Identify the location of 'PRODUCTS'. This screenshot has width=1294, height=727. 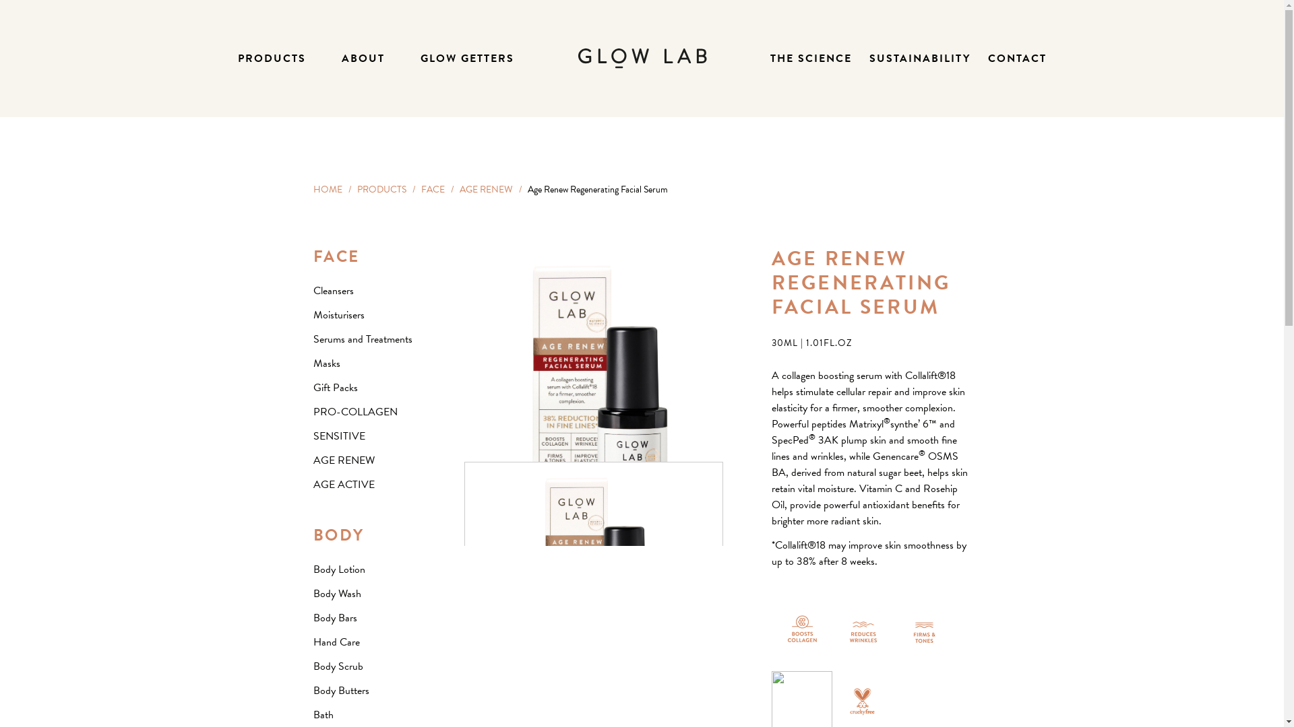
(381, 189).